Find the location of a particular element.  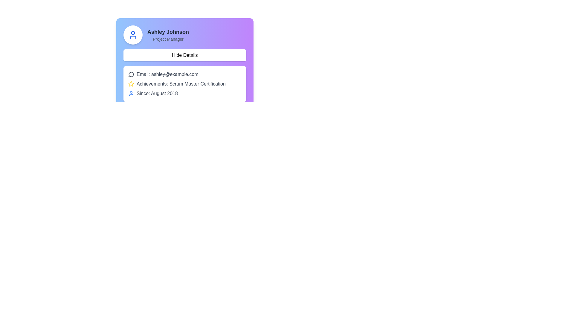

the circular user avatar placeholder, which features a prominent blue user icon on a white background, located to the left of the user's name 'Ashley Johnson' and their role 'Project Manager' is located at coordinates (133, 35).